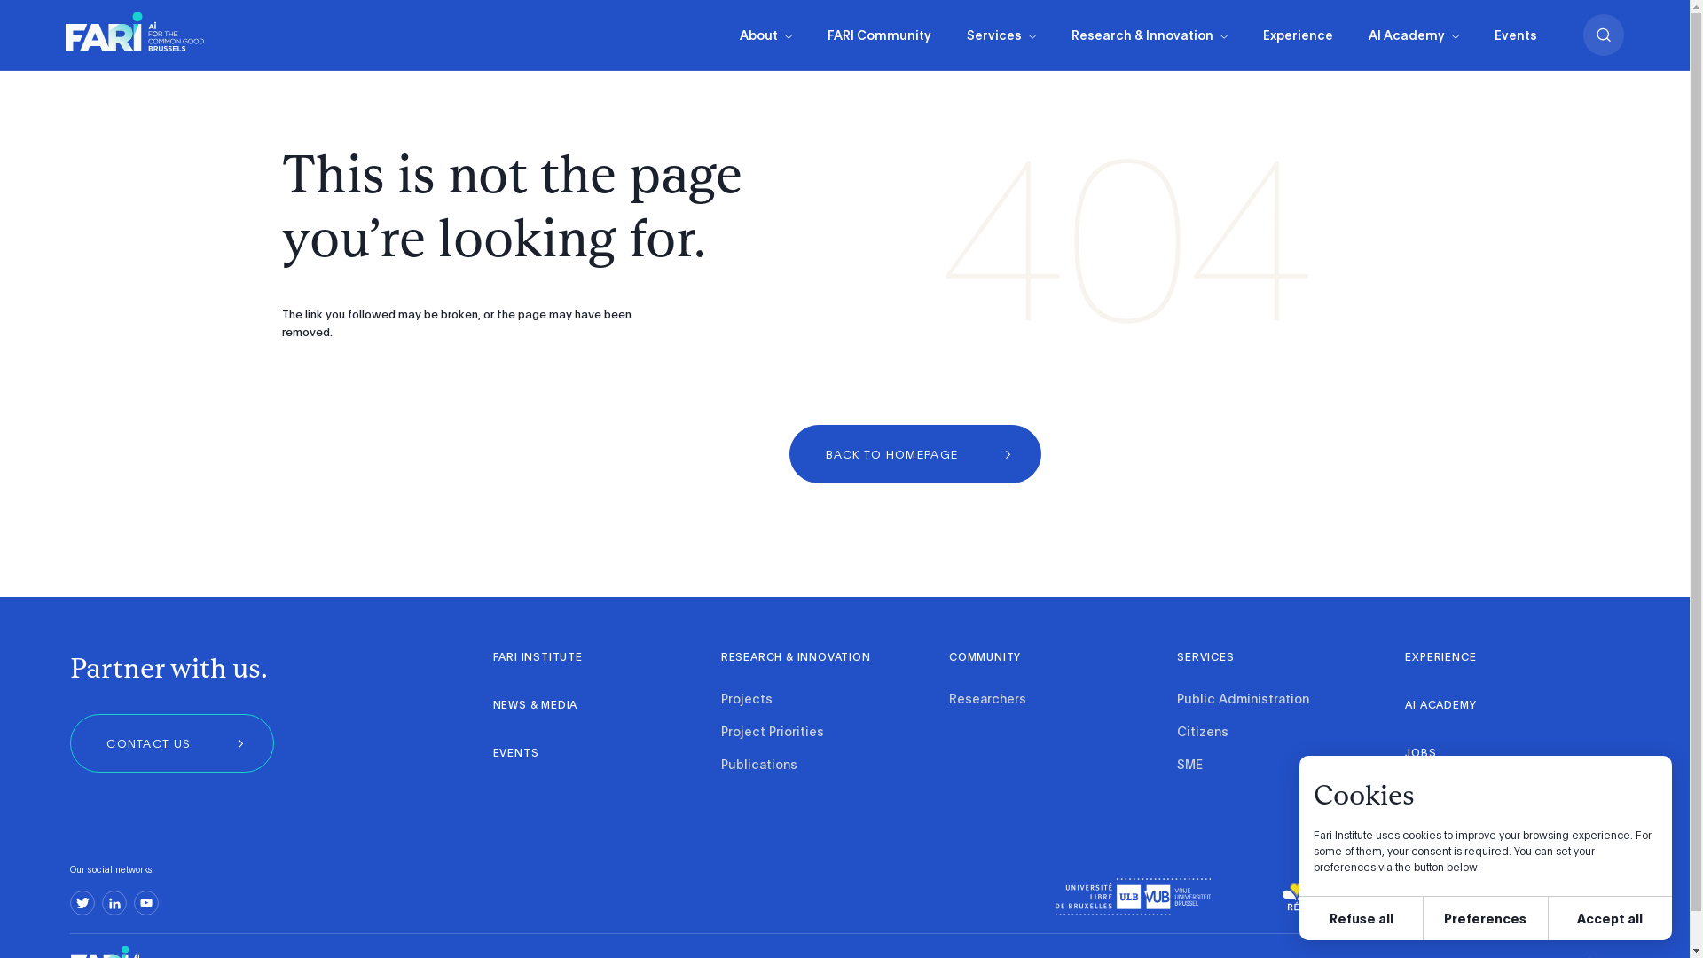 This screenshot has width=1703, height=958. Describe the element at coordinates (1176, 765) in the screenshot. I see `'SME'` at that location.